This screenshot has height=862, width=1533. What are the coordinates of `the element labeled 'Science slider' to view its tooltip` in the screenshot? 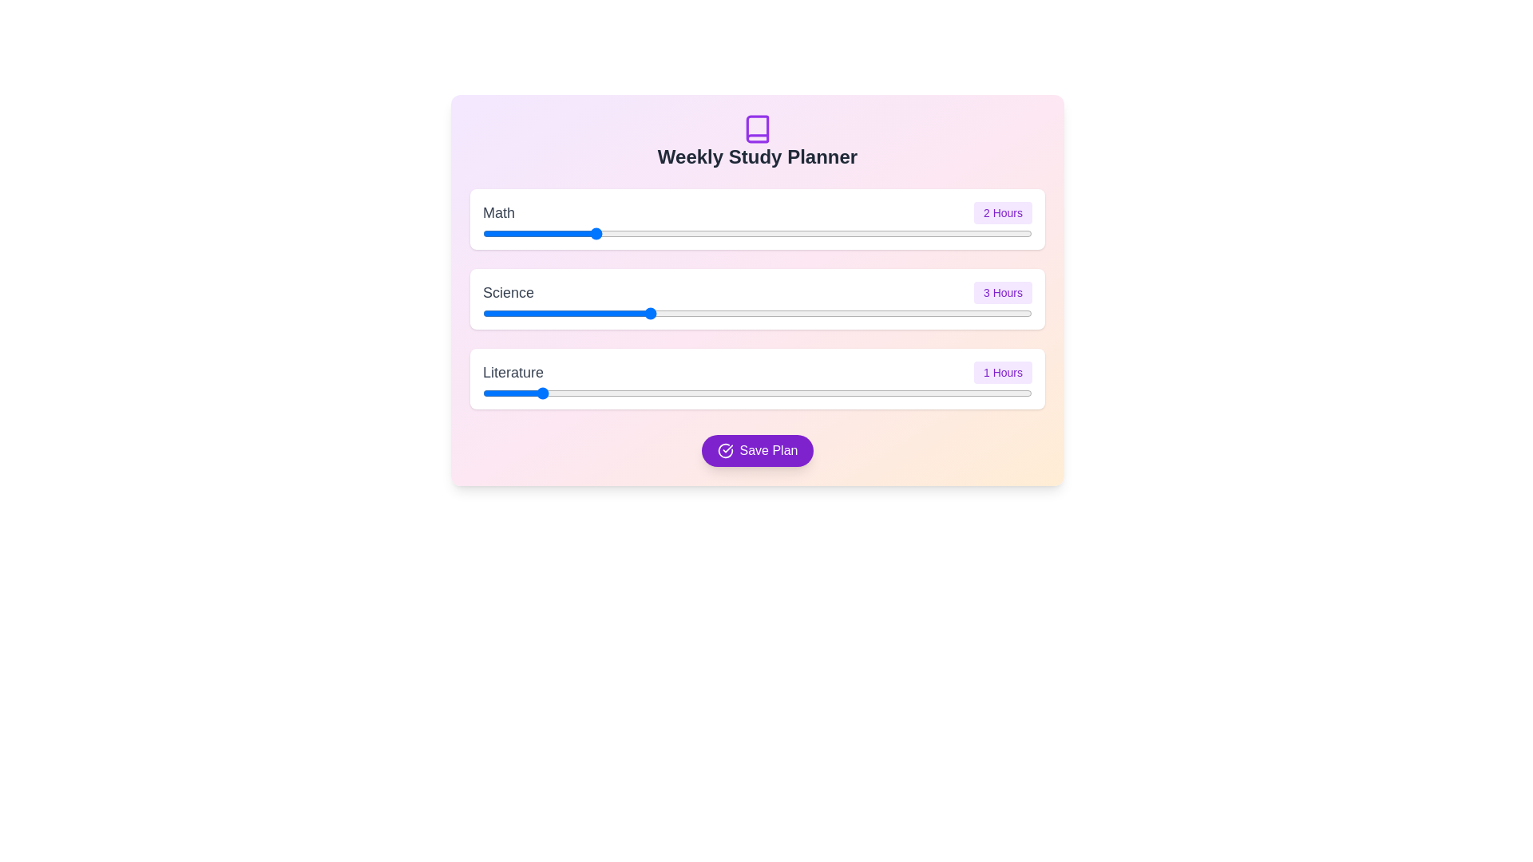 It's located at (757, 314).